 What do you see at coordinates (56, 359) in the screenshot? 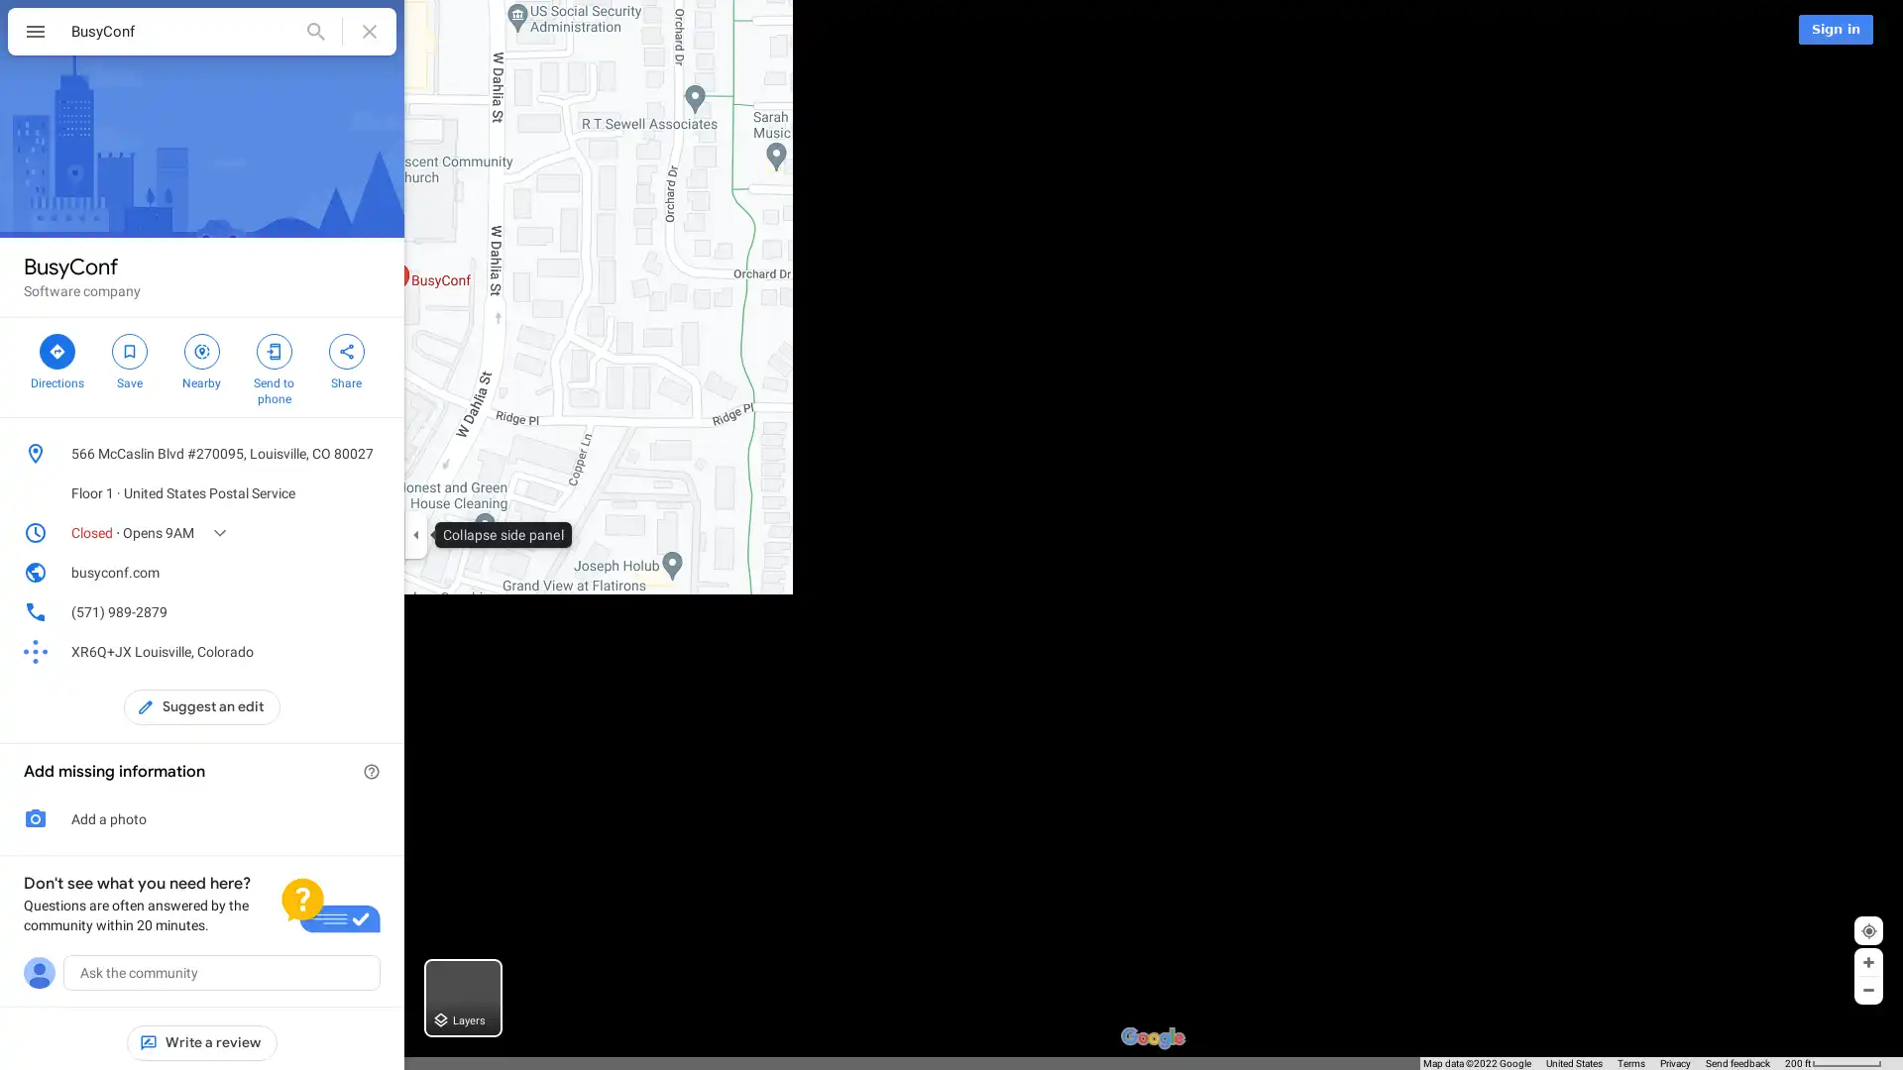
I see `Directions to BusyConf` at bounding box center [56, 359].